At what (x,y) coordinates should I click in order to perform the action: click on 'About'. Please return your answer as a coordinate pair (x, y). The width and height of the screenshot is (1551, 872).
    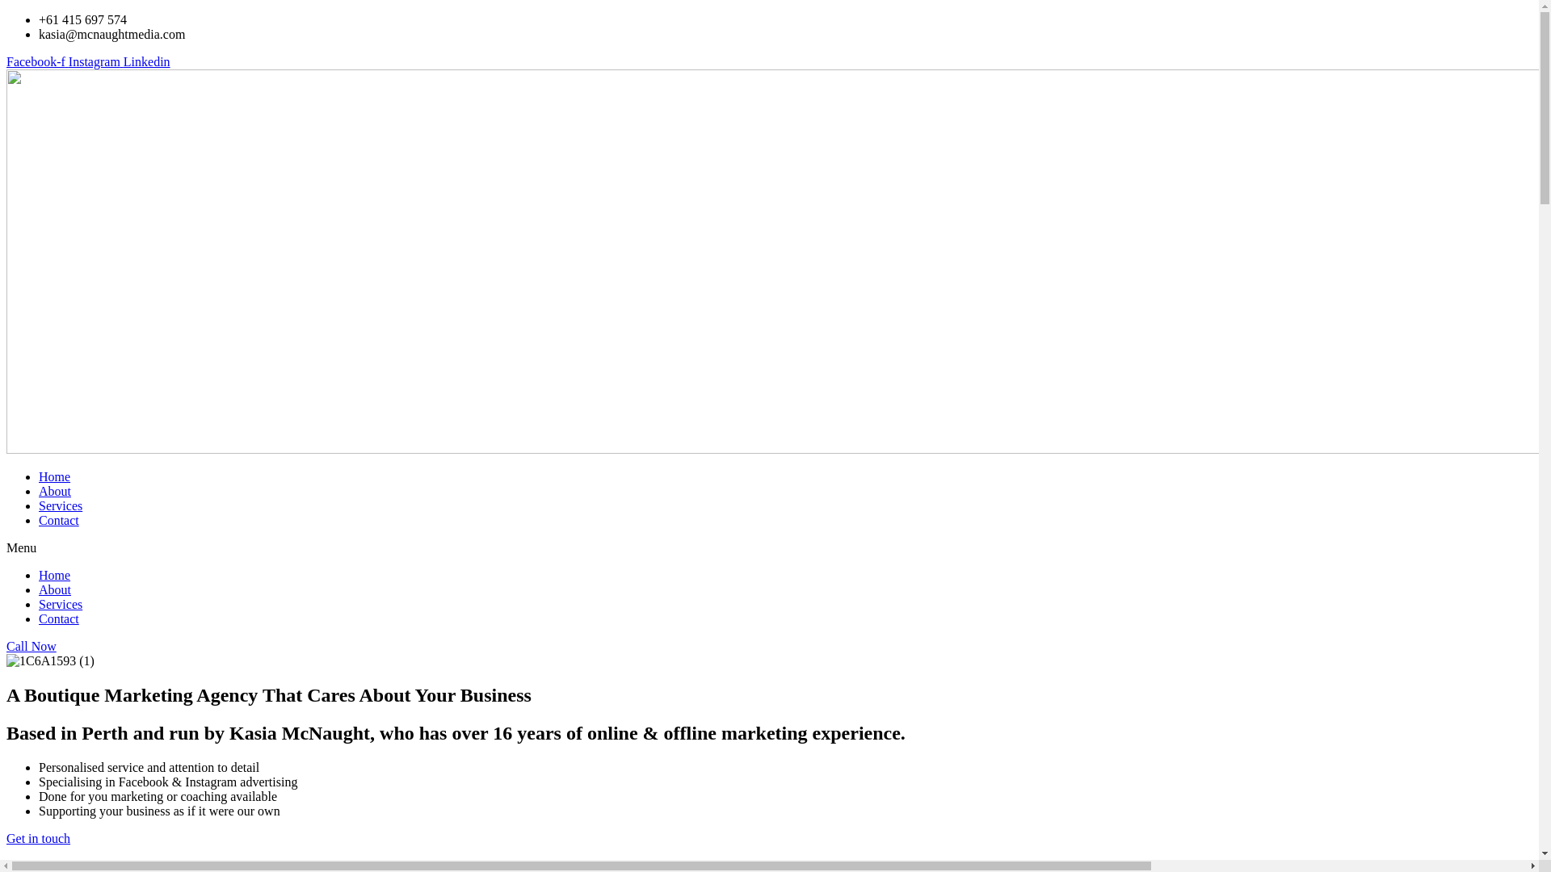
    Looking at the image, I should click on (54, 589).